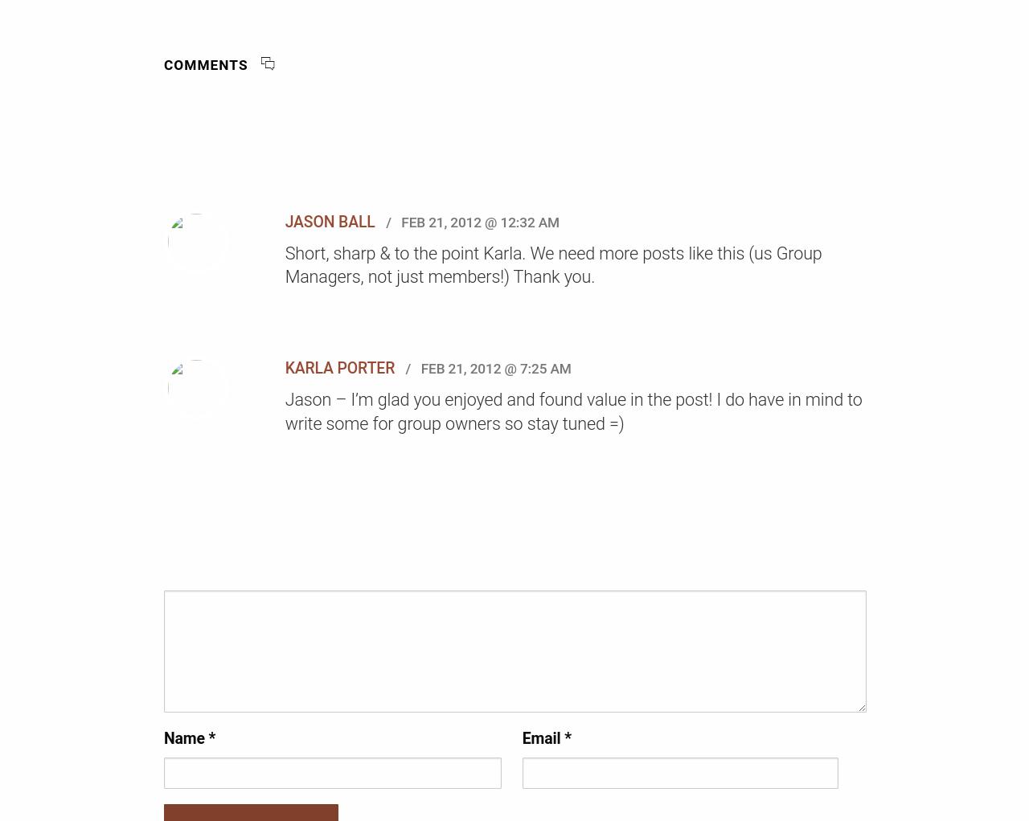 This screenshot has width=1029, height=821. Describe the element at coordinates (186, 737) in the screenshot. I see `'Name'` at that location.